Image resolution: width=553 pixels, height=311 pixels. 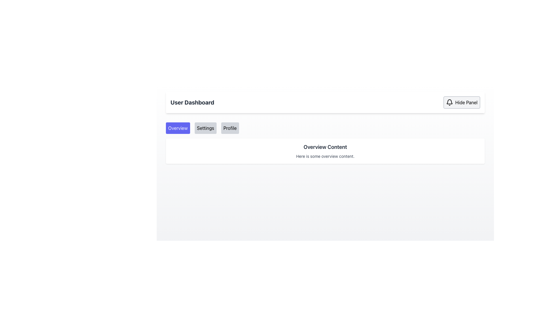 What do you see at coordinates (177, 128) in the screenshot?
I see `the keyboard interaction on the 'Overview' button` at bounding box center [177, 128].